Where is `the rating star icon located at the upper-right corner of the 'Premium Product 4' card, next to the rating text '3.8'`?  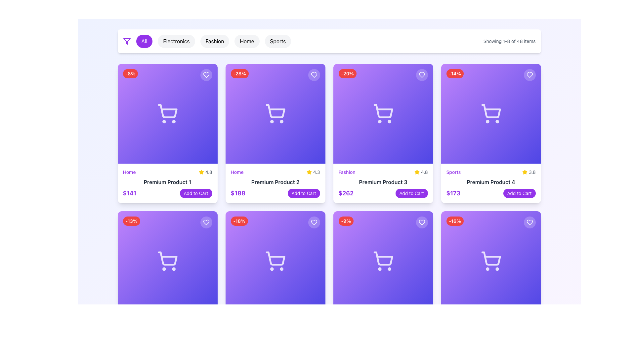 the rating star icon located at the upper-right corner of the 'Premium Product 4' card, next to the rating text '3.8' is located at coordinates (525, 172).